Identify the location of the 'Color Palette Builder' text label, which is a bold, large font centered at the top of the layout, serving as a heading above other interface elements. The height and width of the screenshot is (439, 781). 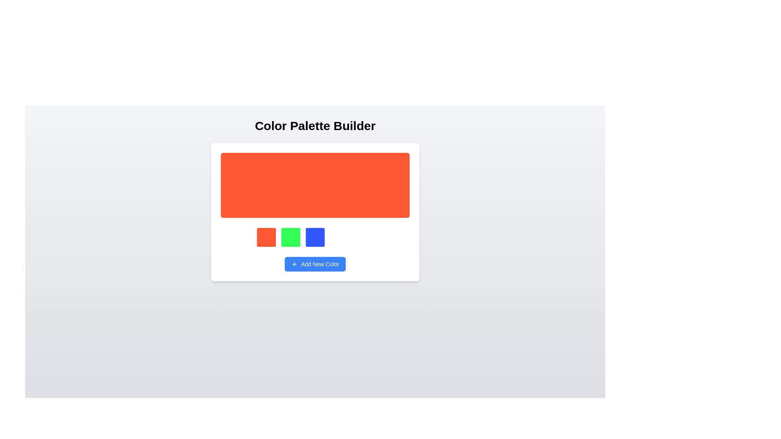
(314, 126).